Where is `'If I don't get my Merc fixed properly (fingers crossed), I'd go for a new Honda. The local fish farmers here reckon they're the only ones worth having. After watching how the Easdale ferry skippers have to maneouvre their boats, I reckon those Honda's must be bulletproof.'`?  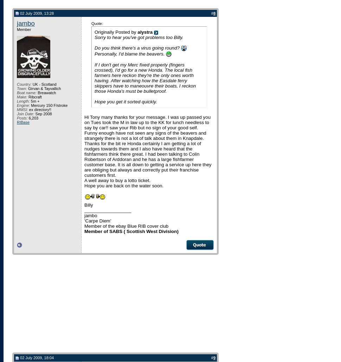
'If I don't get my Merc fixed properly (fingers crossed), I'd go for a new Honda. The local fish farmers here reckon they're the only ones worth having. After watching how the Easdale ferry skippers have to maneouvre their boats, I reckon those Honda's must be bulletproof.' is located at coordinates (145, 78).